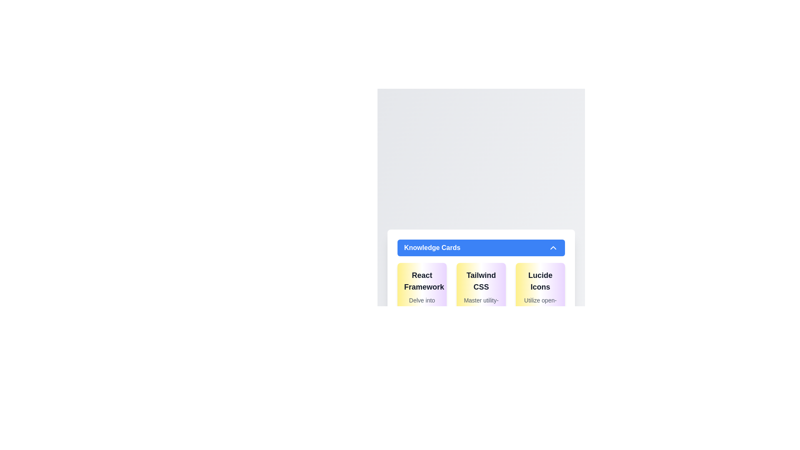 This screenshot has height=450, width=800. What do you see at coordinates (553, 247) in the screenshot?
I see `the Chevron-Up icon located on the right-hand side of the blue header banner labeled 'Knowledge Cards'` at bounding box center [553, 247].